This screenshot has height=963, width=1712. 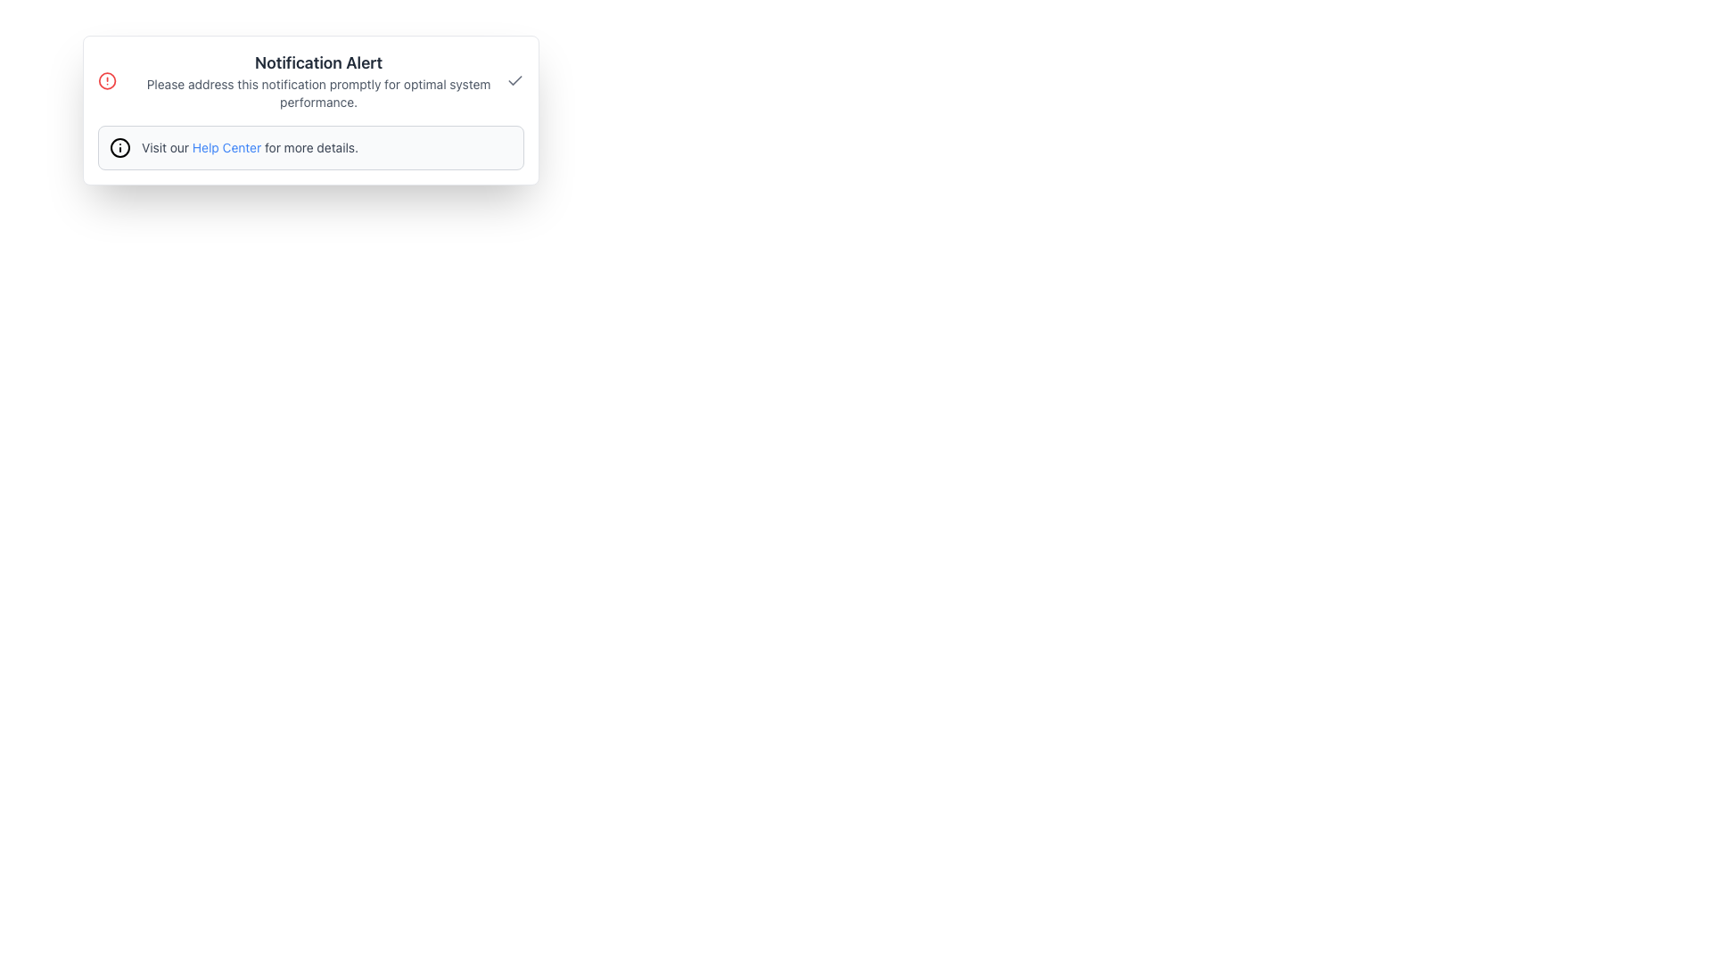 I want to click on the interactive confirmation icon located in the top-right of the 'Notification Alert' panel to confirm or acknowledge the notification, so click(x=514, y=81).